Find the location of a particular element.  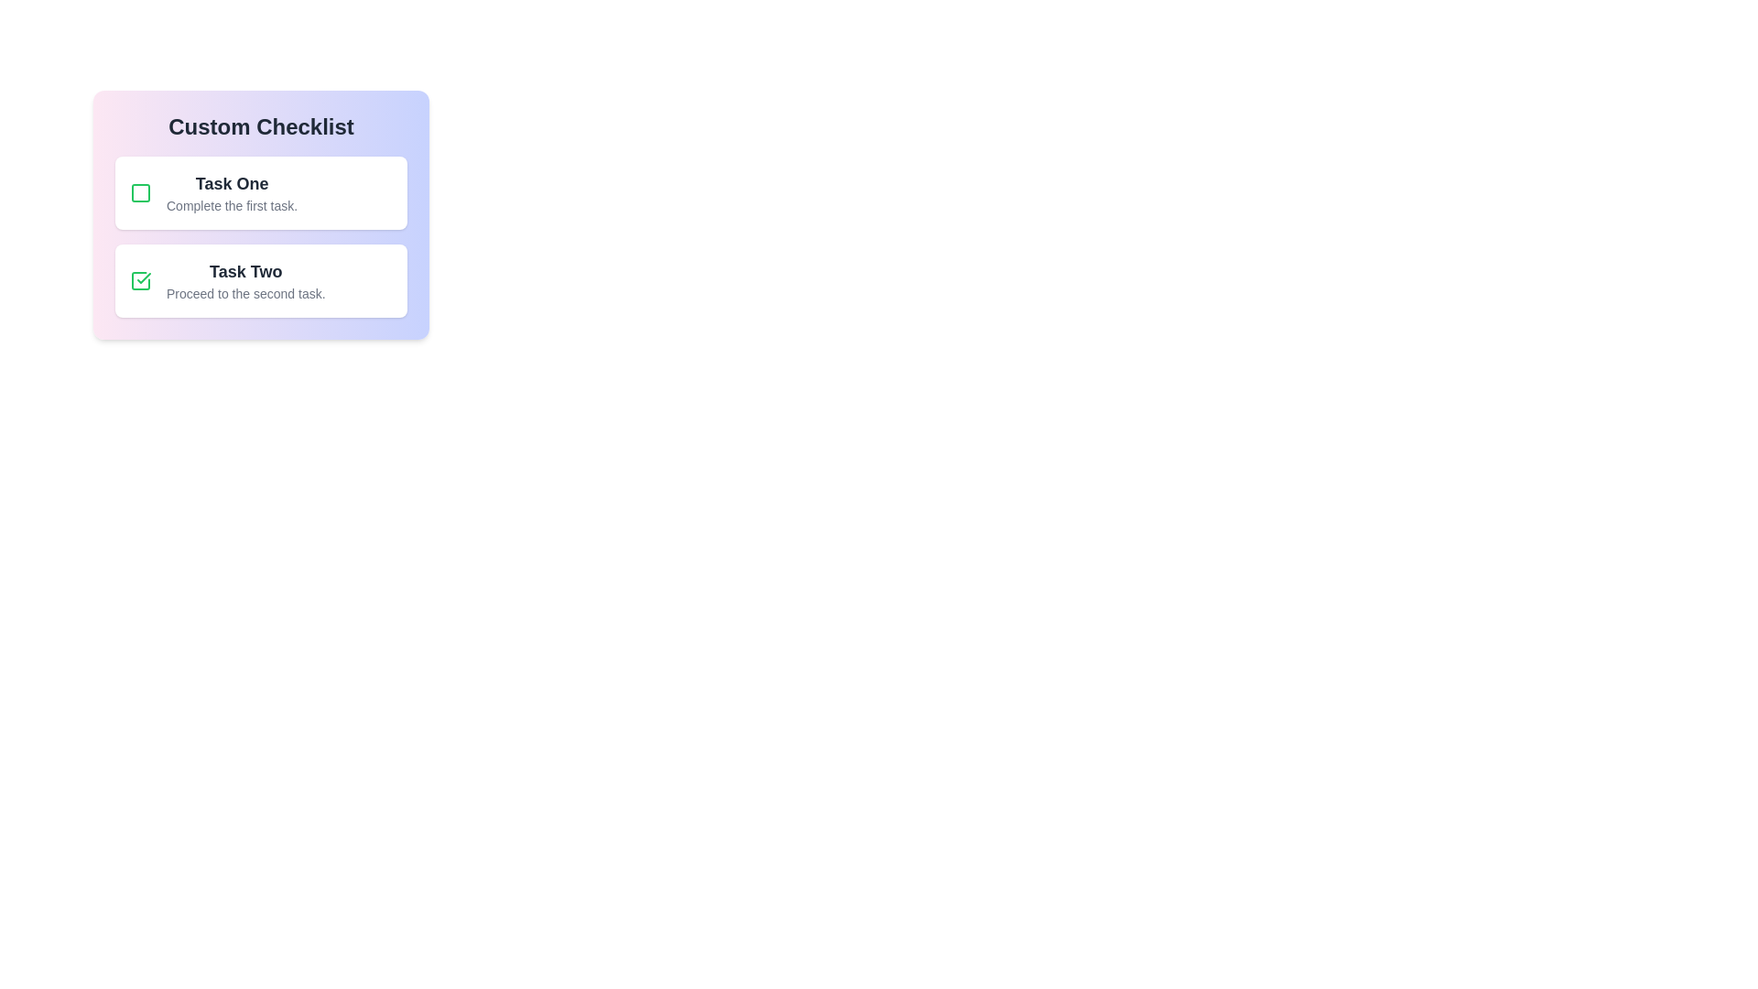

the checkbox located to the left of 'Task One' is located at coordinates (139, 193).